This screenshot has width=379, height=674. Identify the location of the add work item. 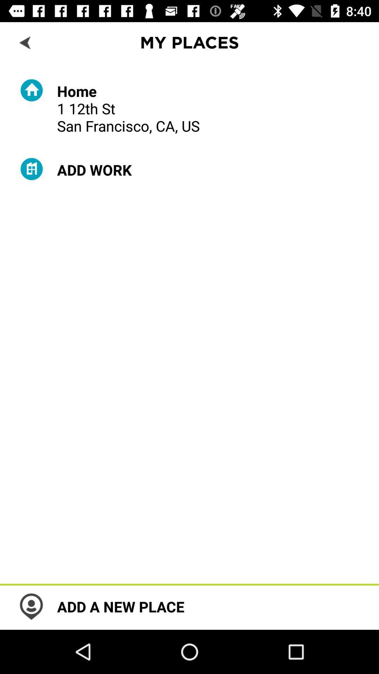
(94, 170).